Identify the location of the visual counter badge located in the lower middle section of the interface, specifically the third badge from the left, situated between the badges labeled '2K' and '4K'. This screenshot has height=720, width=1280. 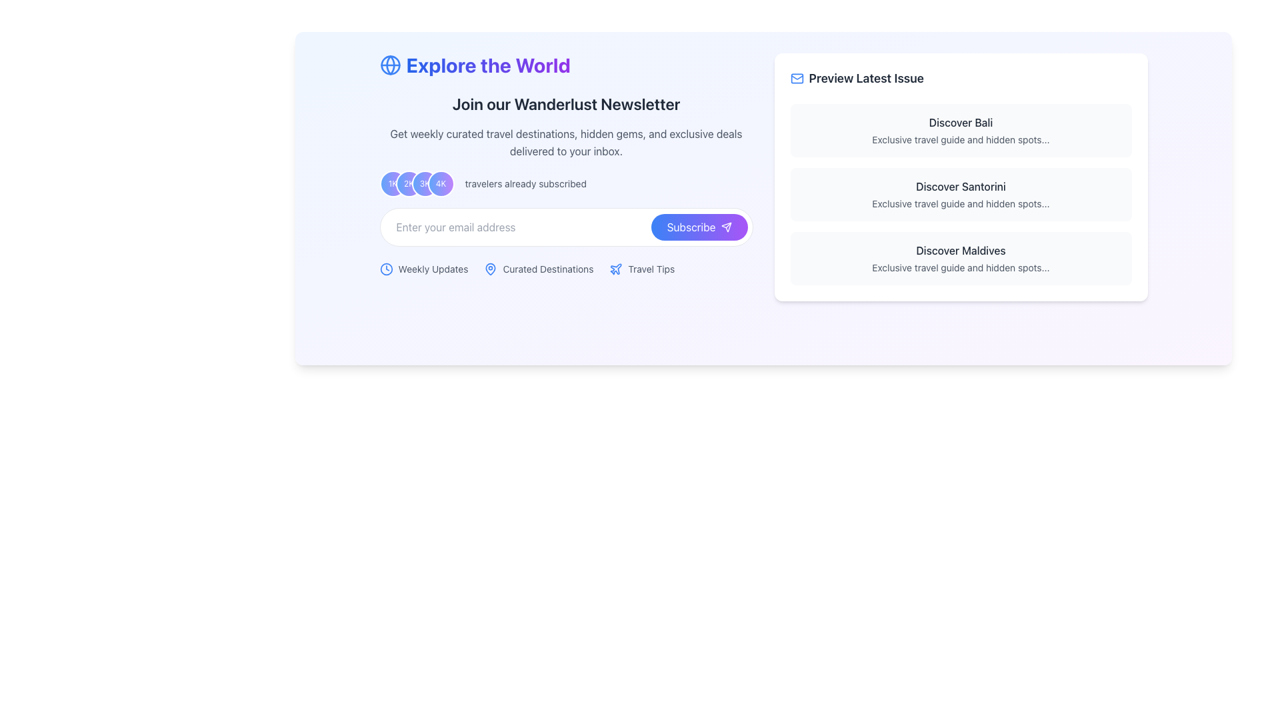
(424, 184).